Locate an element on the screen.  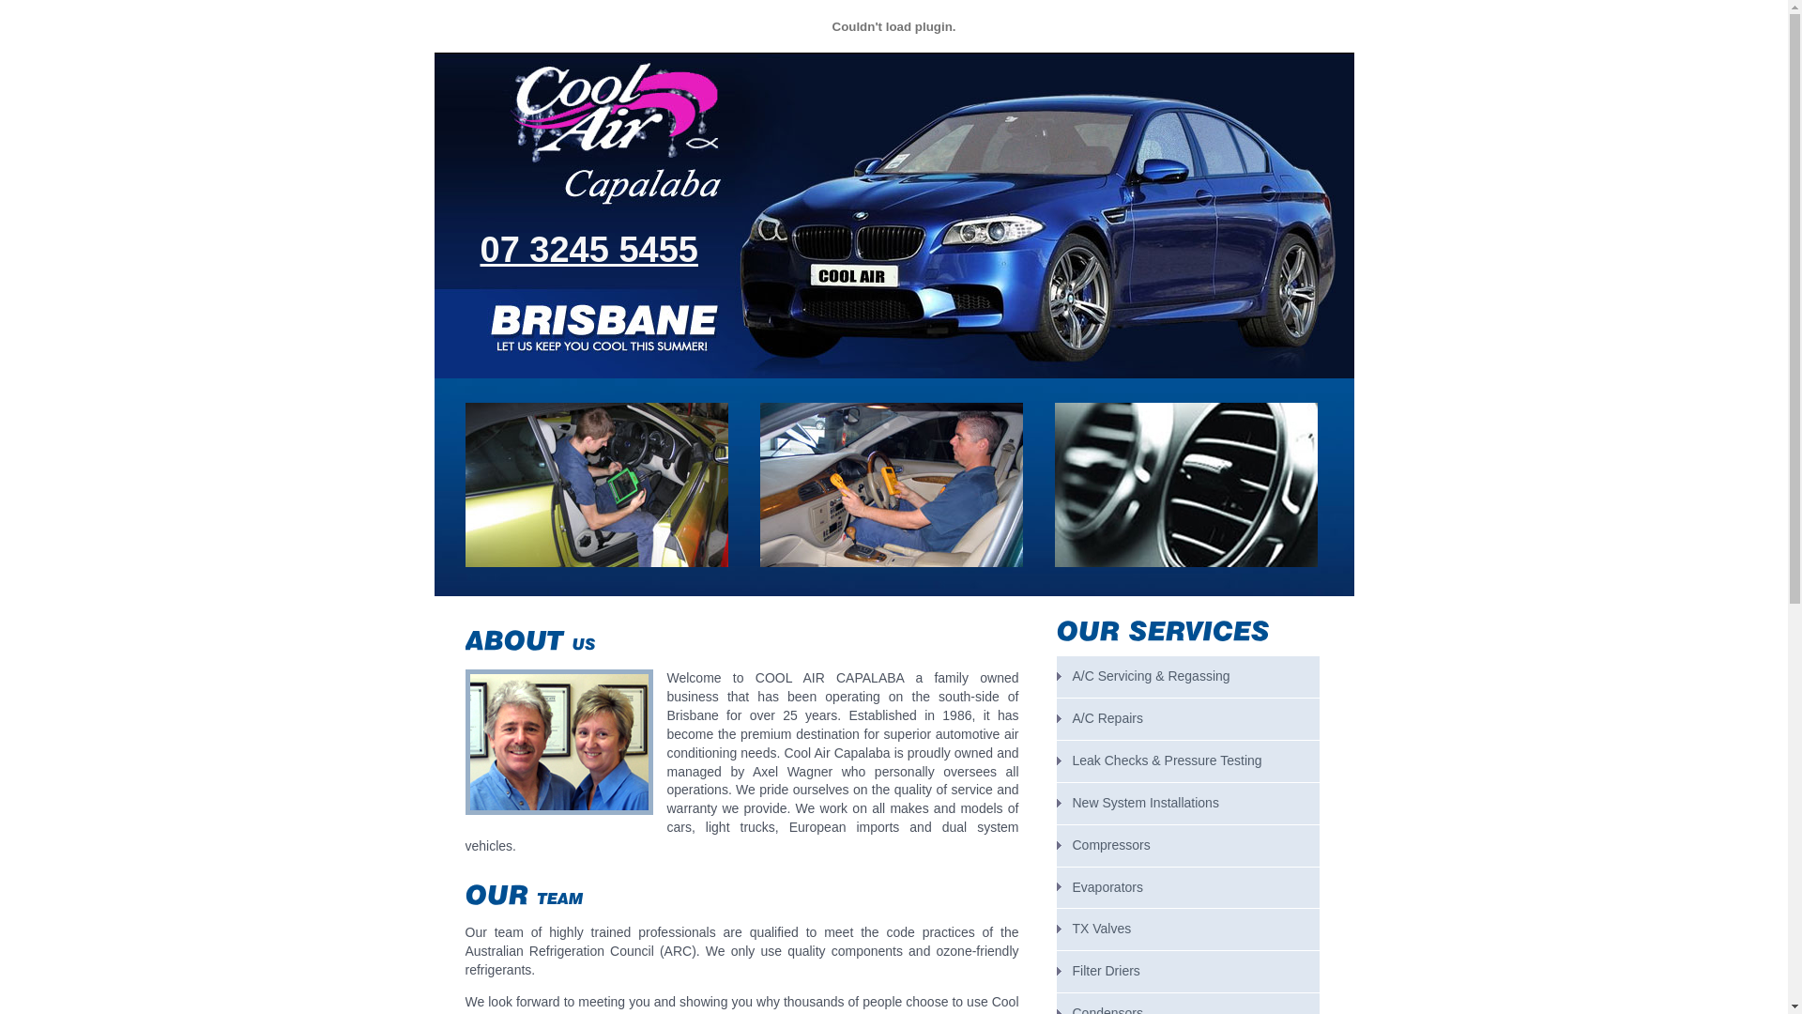
'TX Valves' is located at coordinates (1187, 929).